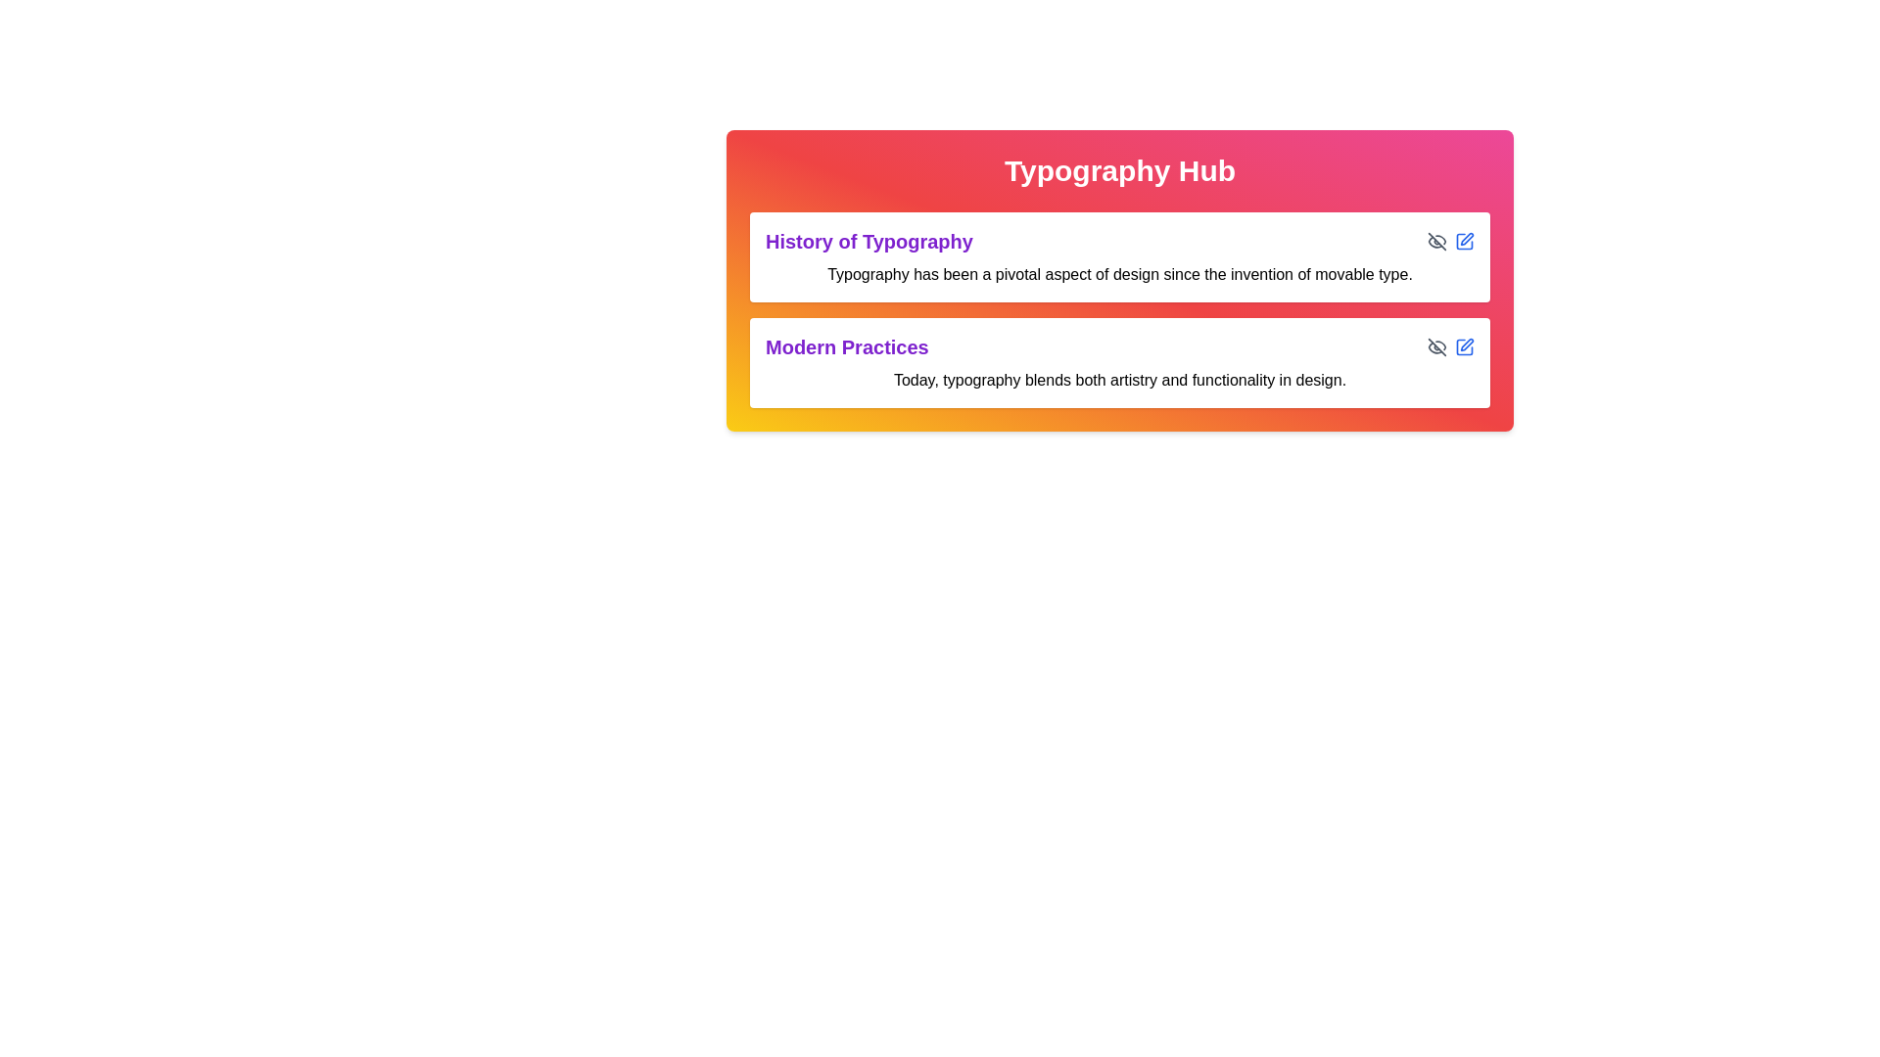  What do you see at coordinates (1119, 362) in the screenshot?
I see `the informational card that describes modern practices in typography, which is the second card in a vertical stack below the 'History of Typography' card` at bounding box center [1119, 362].